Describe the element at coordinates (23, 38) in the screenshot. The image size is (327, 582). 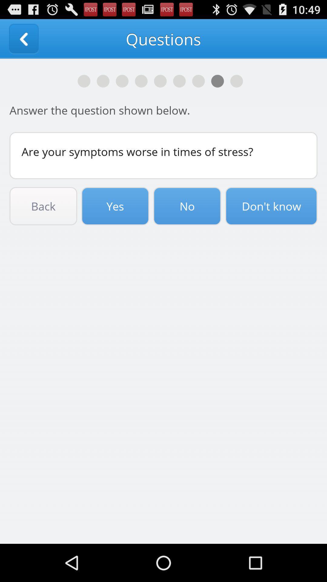
I see `come back` at that location.